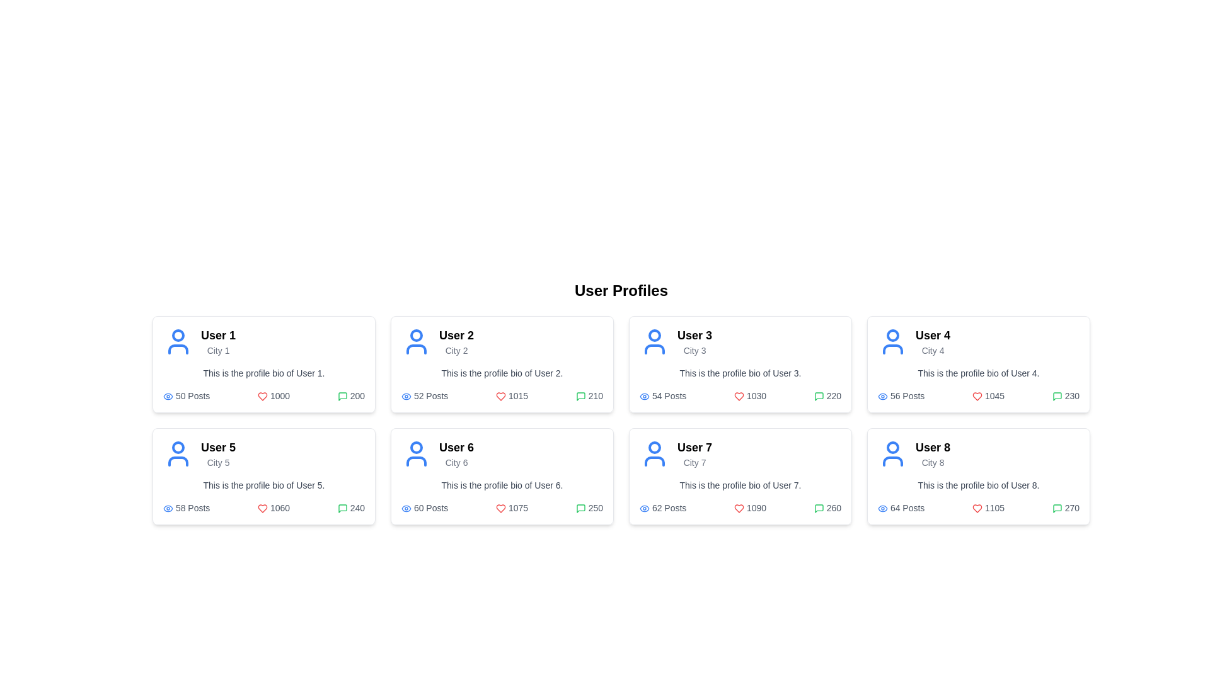 This screenshot has width=1210, height=680. I want to click on the numerical text '250' next to the green speech bubble icon in the bottom-right corner of User 6's profile card, so click(589, 507).